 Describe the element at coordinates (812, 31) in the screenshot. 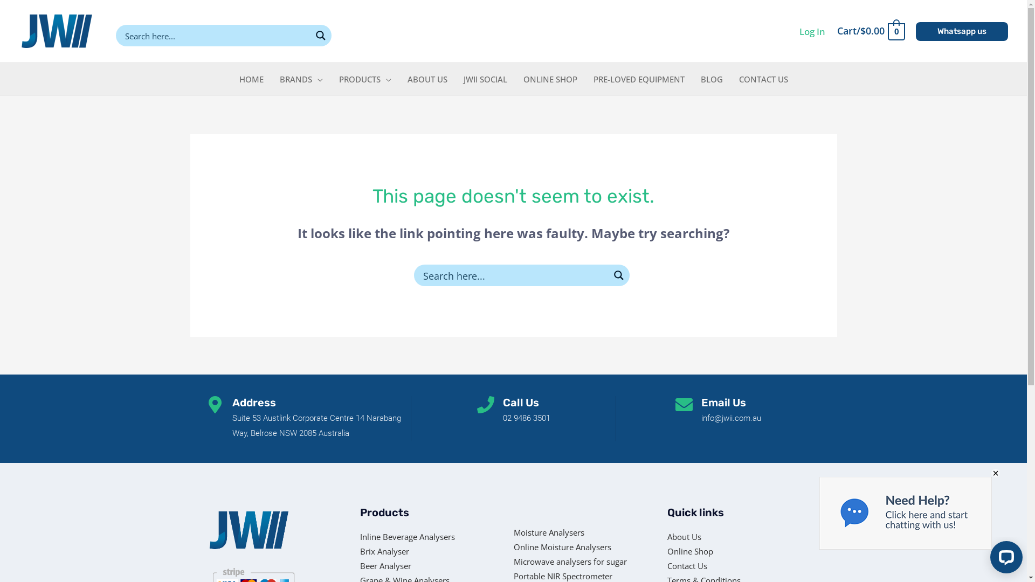

I see `'Log In'` at that location.